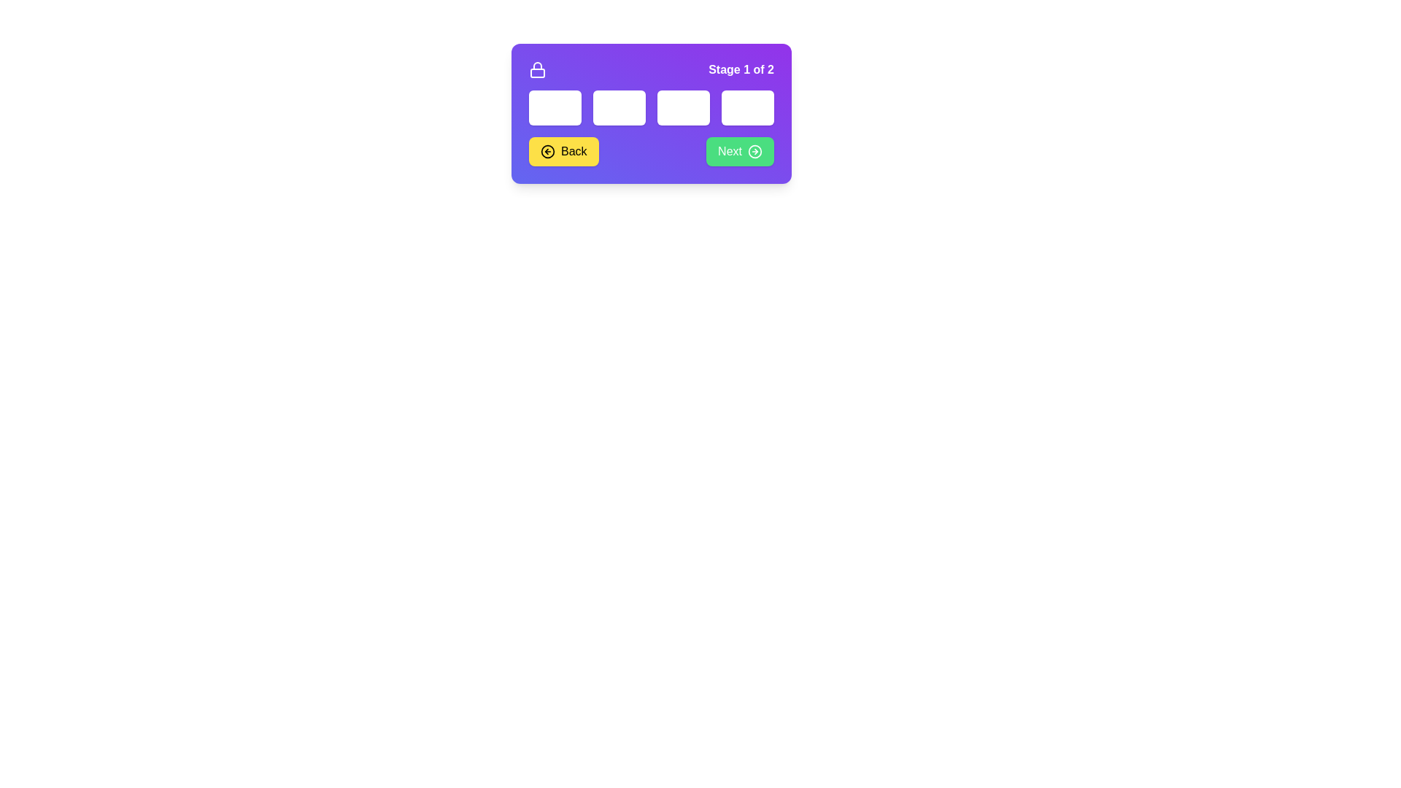  I want to click on the 'Back' button icon, represented by an SVG circle, located at the bottom-left corner of a purple card, so click(547, 152).